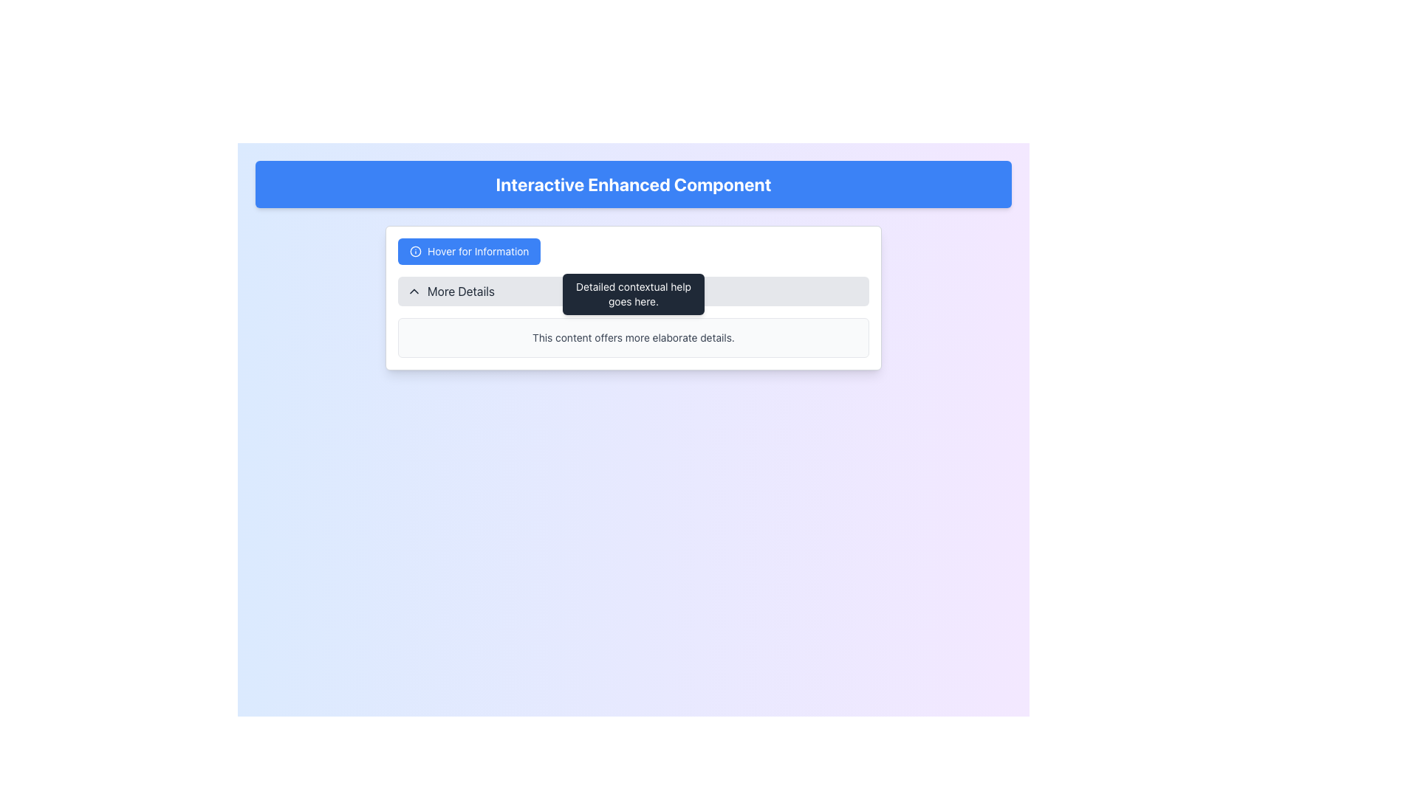 The width and height of the screenshot is (1418, 797). What do you see at coordinates (634, 250) in the screenshot?
I see `the blue button labeled 'Hover for Information' in the Tooltip and Button Combination` at bounding box center [634, 250].